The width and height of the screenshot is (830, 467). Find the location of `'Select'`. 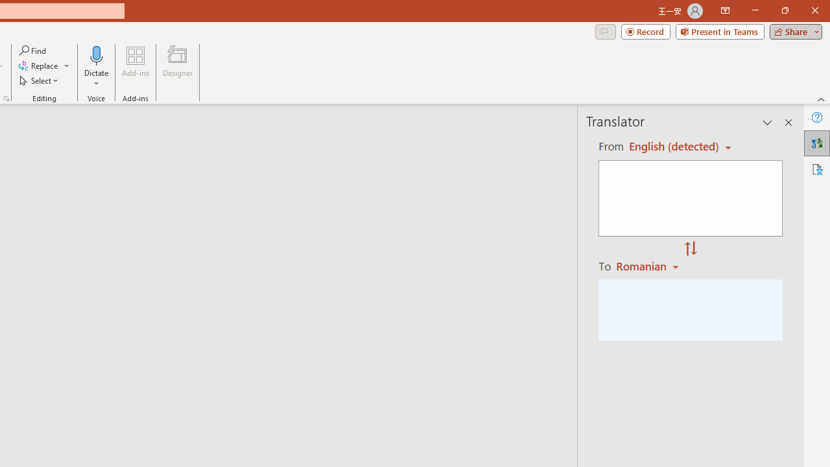

'Select' is located at coordinates (40, 80).